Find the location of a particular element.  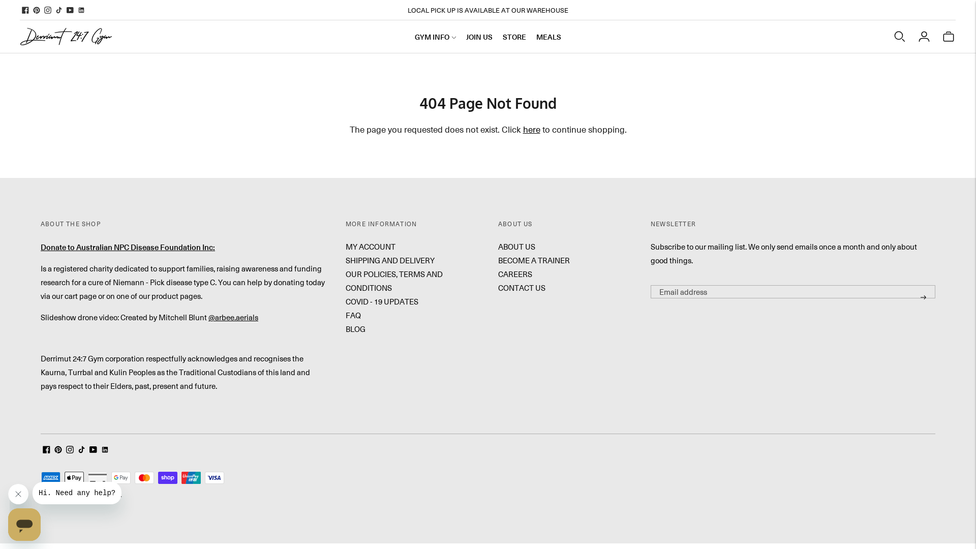

'Message from company' is located at coordinates (76, 492).